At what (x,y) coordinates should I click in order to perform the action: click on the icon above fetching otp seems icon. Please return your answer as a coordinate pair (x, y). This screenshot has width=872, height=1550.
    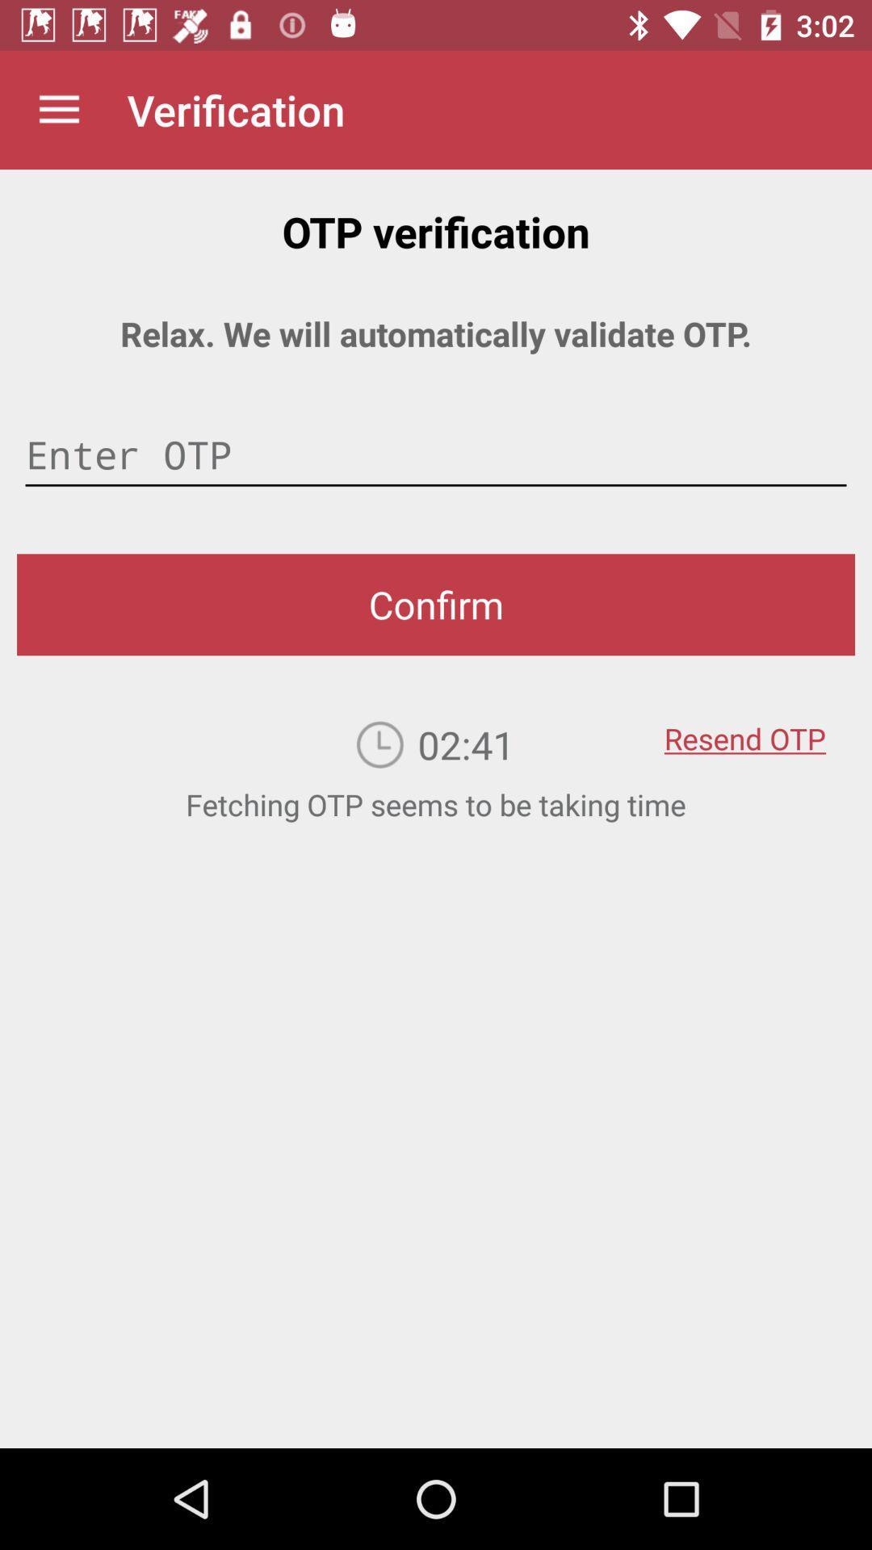
    Looking at the image, I should click on (744, 727).